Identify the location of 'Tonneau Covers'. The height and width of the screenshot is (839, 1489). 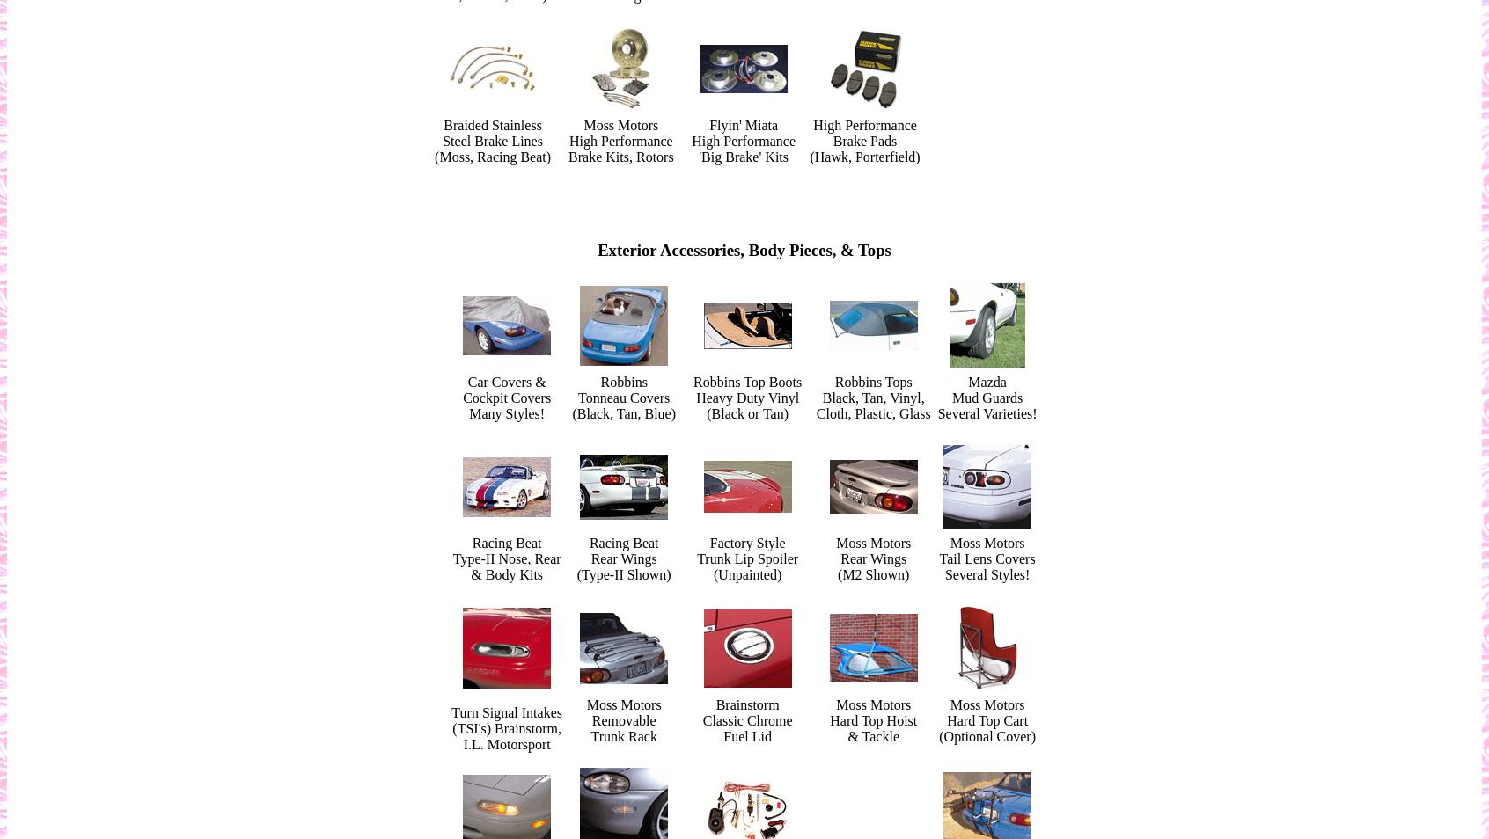
(578, 398).